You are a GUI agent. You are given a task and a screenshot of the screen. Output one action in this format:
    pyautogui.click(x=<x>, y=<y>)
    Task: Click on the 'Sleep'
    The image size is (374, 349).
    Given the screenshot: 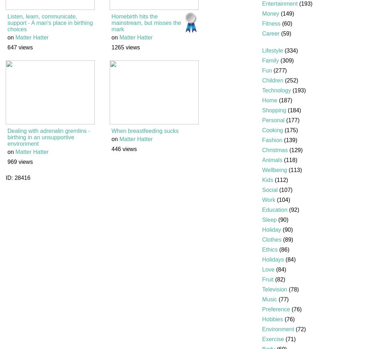 What is the action you would take?
    pyautogui.click(x=269, y=219)
    